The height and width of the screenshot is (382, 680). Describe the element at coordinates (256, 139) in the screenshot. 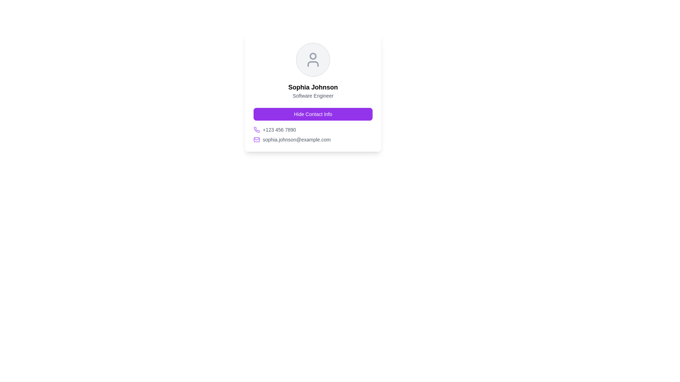

I see `the email icon located at the lower-left corner of the card layout, adjacent to the email address 'sophia.johnson@example.com'` at that location.